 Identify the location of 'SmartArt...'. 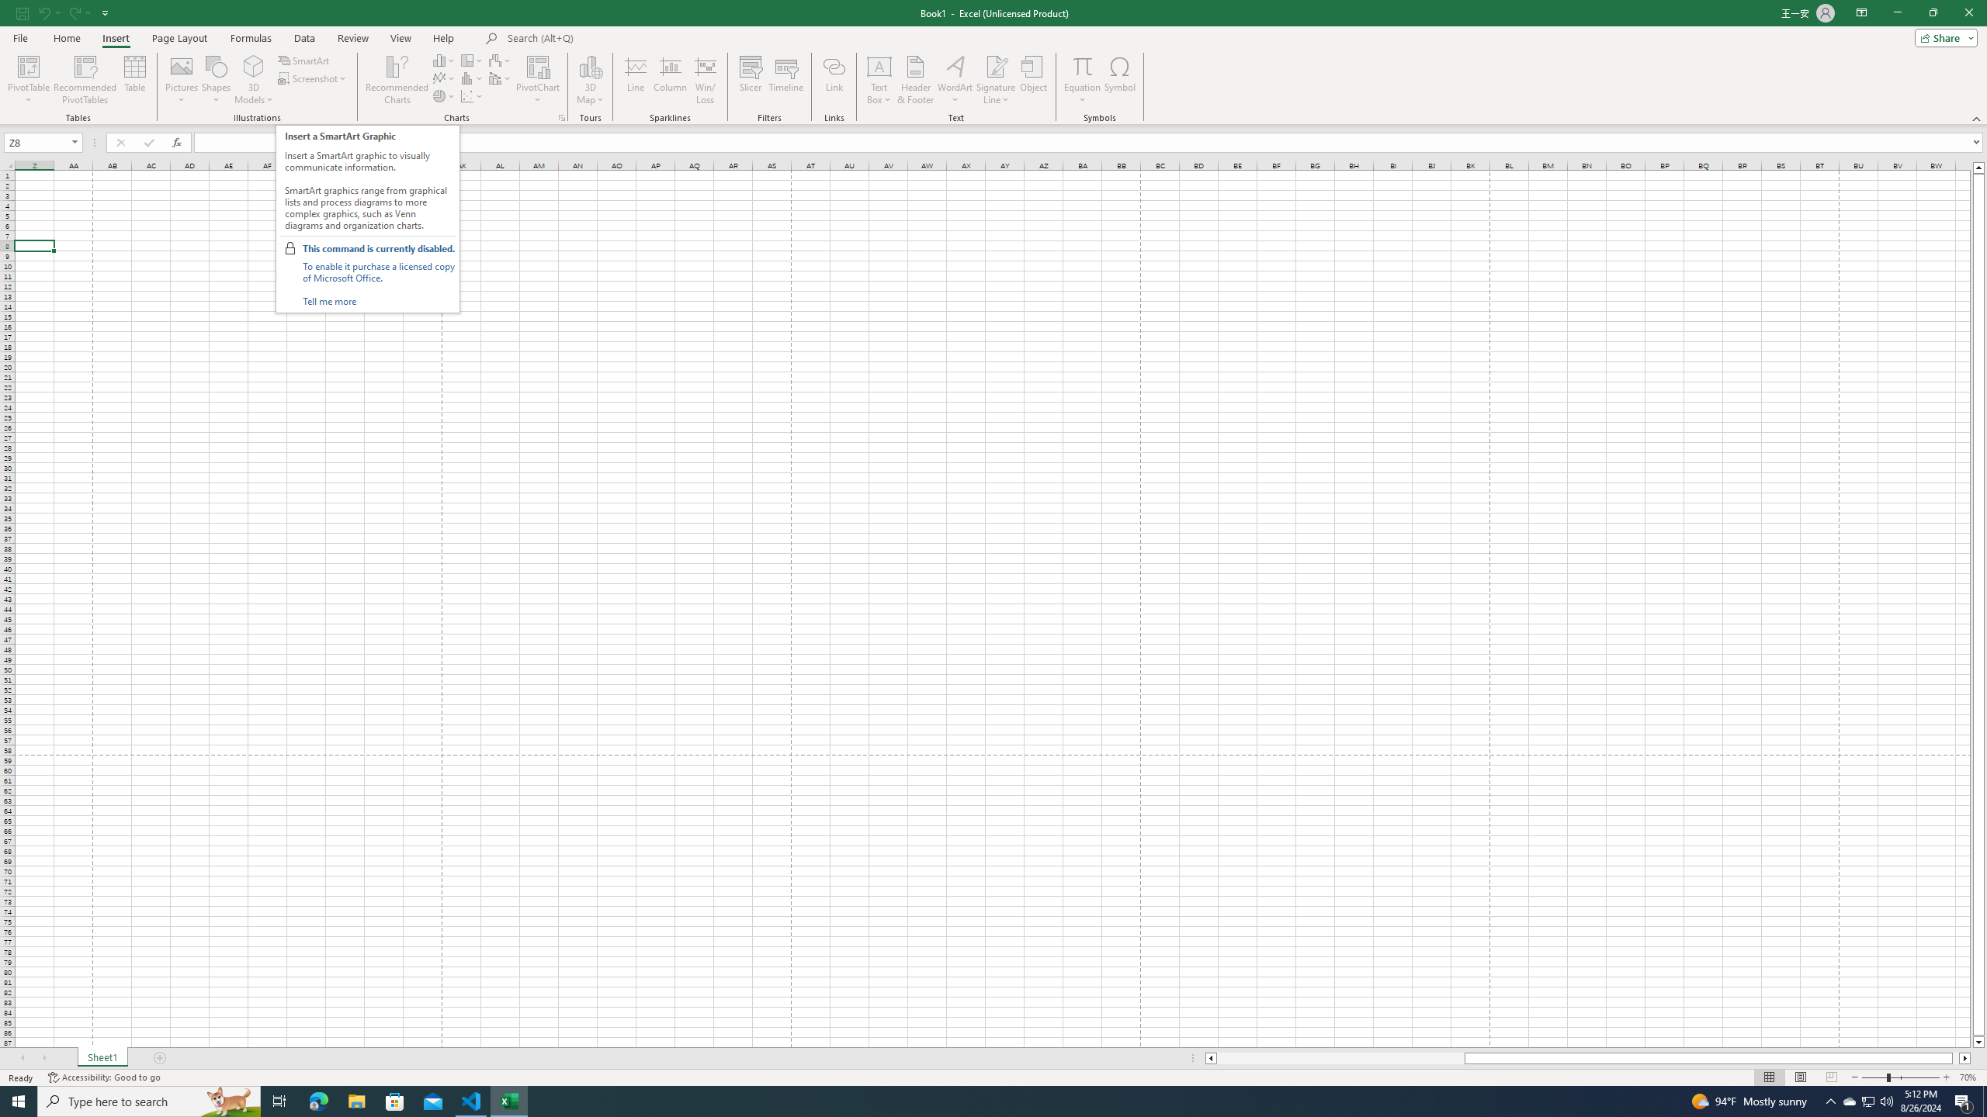
(303, 60).